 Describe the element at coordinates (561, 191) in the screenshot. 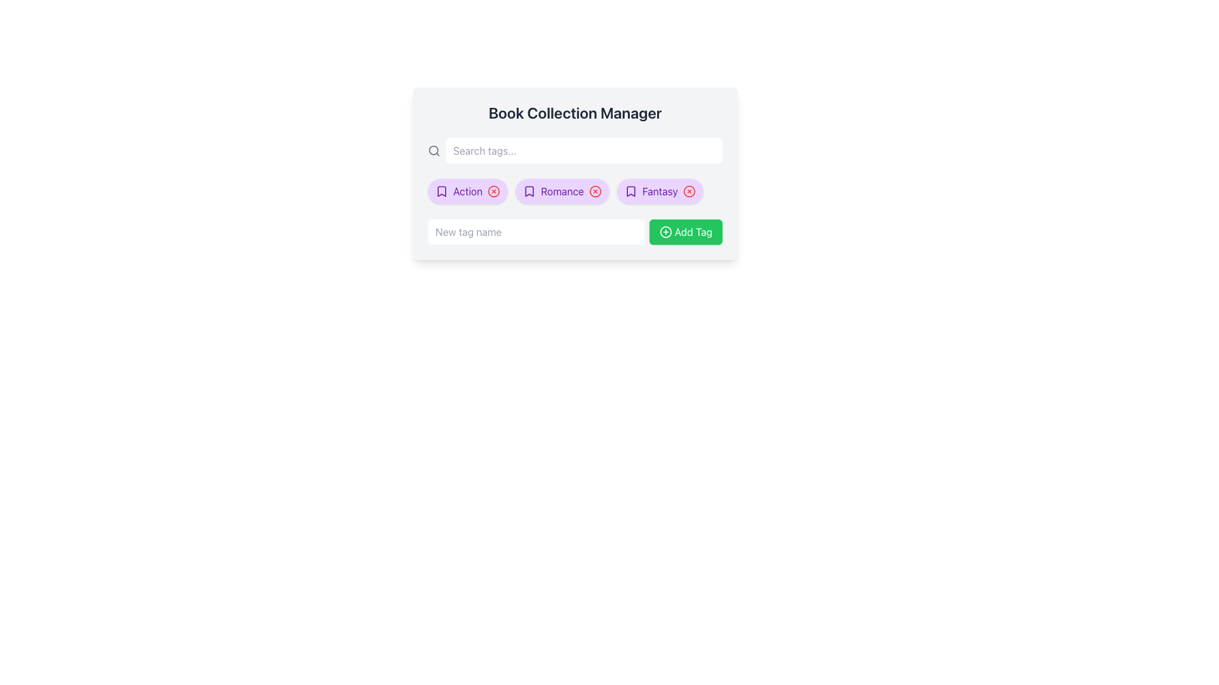

I see `the 'Romance' static text label, which is styled in bold vibrant purple and located between 'Action' and 'Fantasy' tags` at that location.